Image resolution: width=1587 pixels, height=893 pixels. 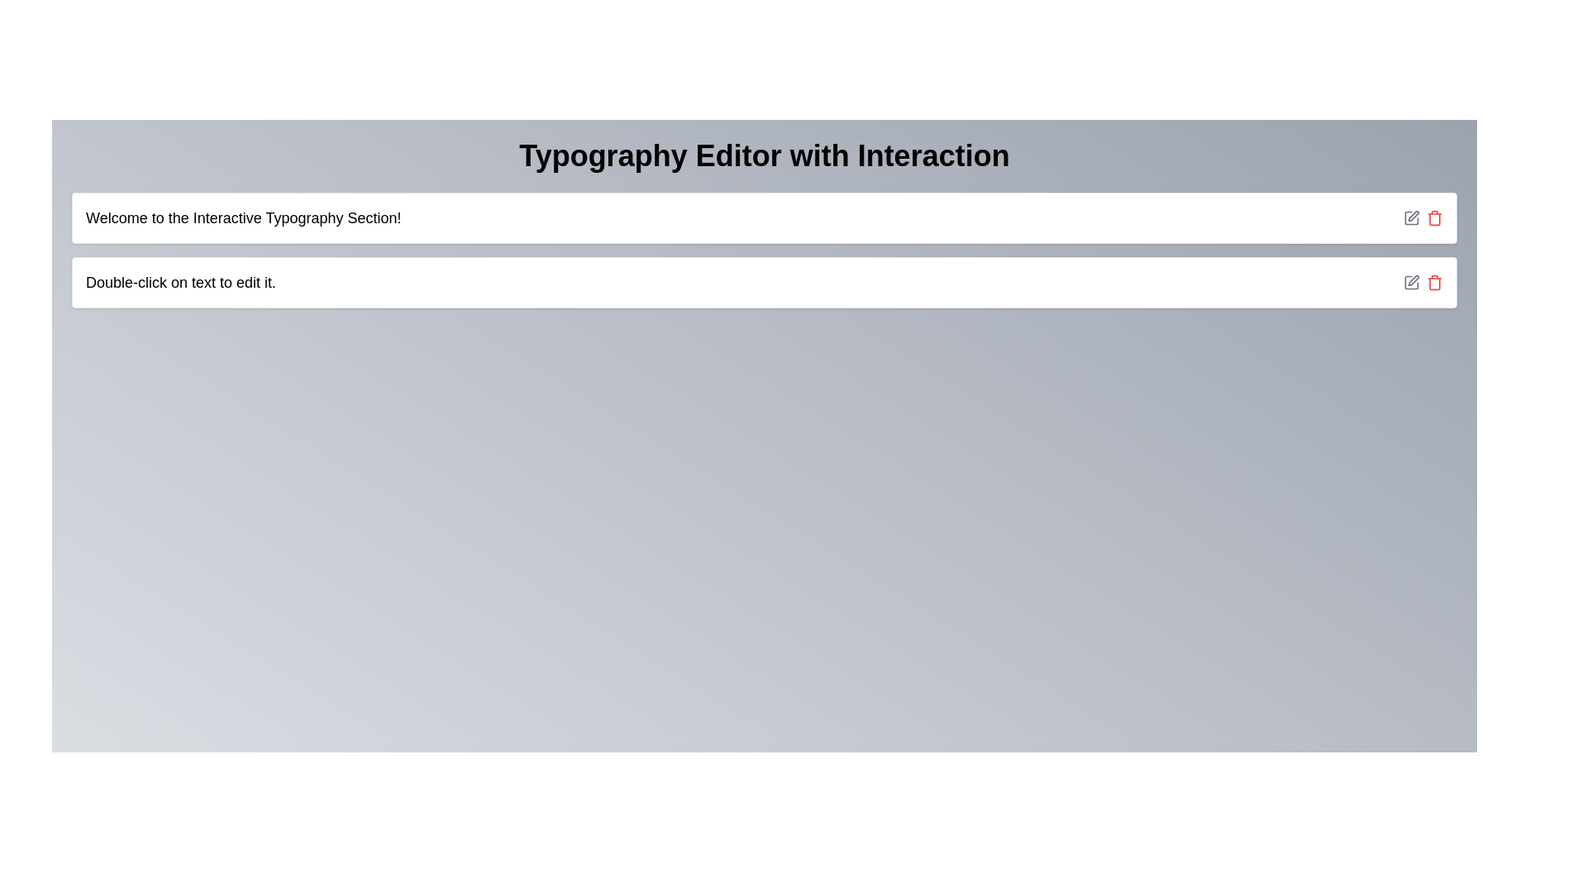 I want to click on the edit icon button located in the top-right corner of the first text box to change its color, so click(x=1411, y=217).